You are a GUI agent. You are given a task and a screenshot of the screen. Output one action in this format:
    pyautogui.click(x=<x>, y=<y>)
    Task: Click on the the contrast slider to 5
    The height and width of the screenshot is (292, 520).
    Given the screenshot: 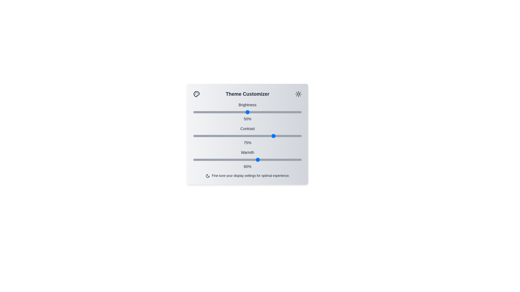 What is the action you would take?
    pyautogui.click(x=199, y=135)
    